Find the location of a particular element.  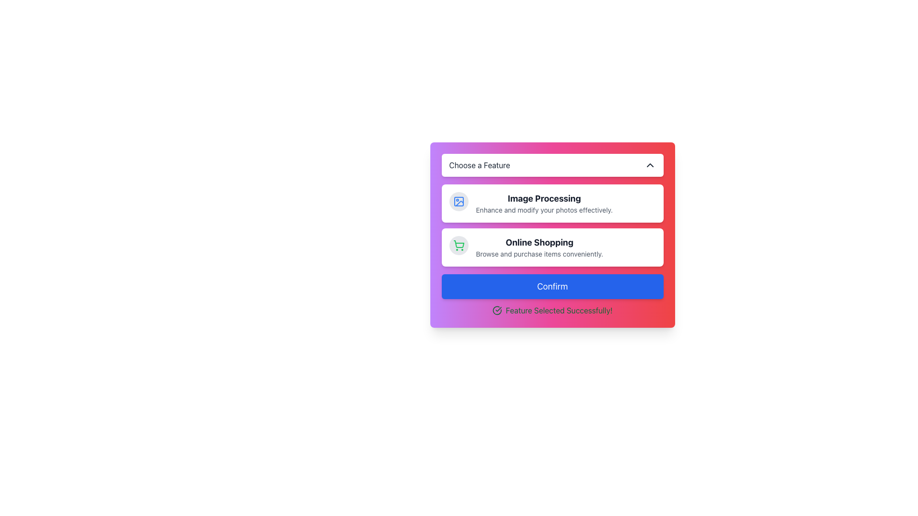

the 'Online Shopping' feature selection option, which includes a green shopping cart icon and descriptive text is located at coordinates (552, 247).